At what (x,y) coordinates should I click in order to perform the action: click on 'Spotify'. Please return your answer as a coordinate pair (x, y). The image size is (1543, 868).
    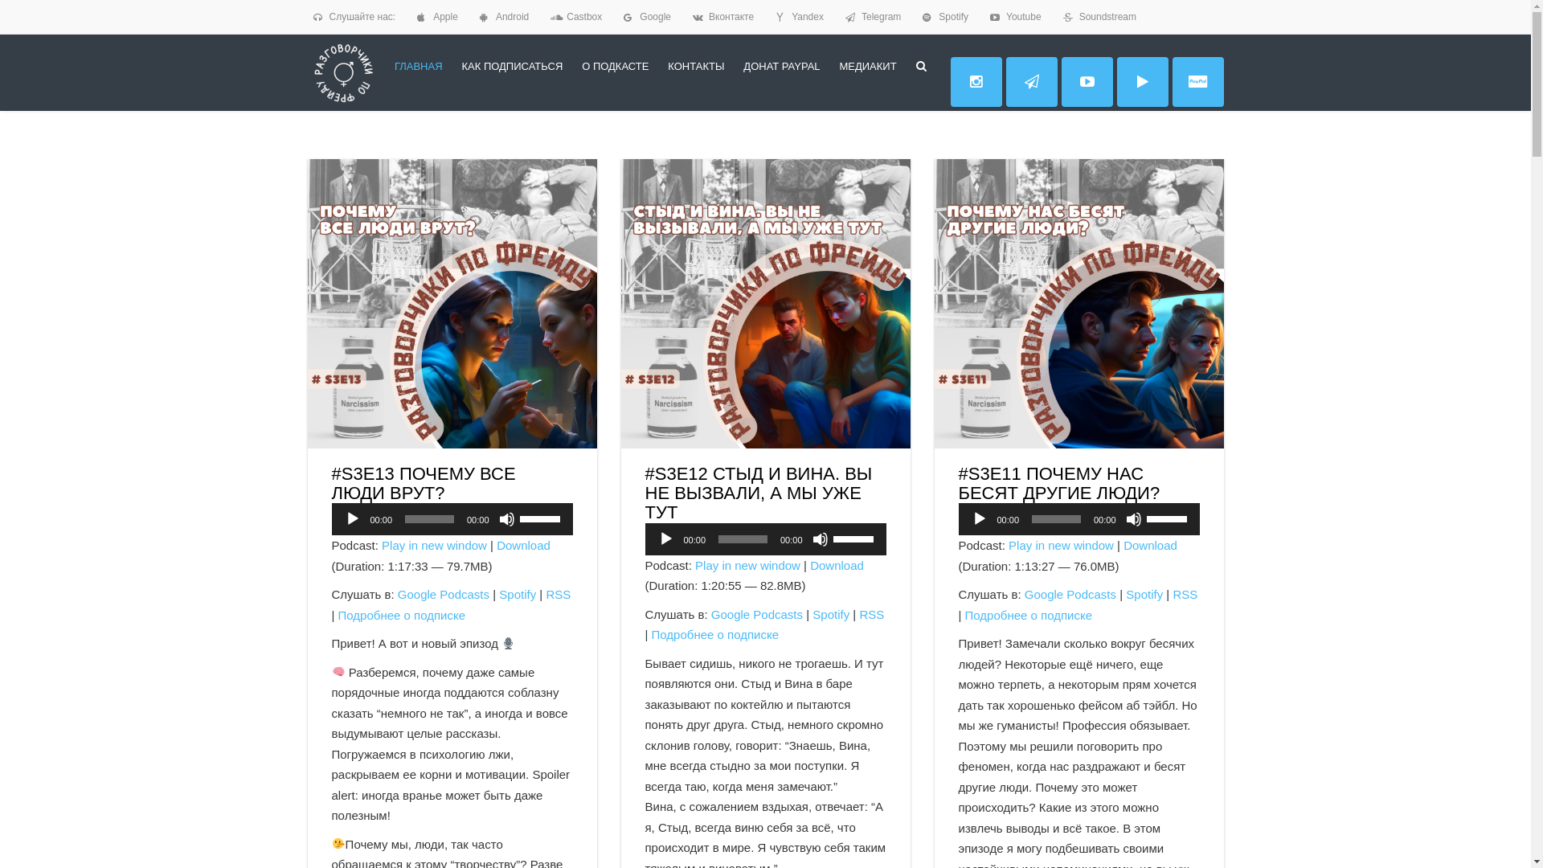
    Looking at the image, I should click on (517, 594).